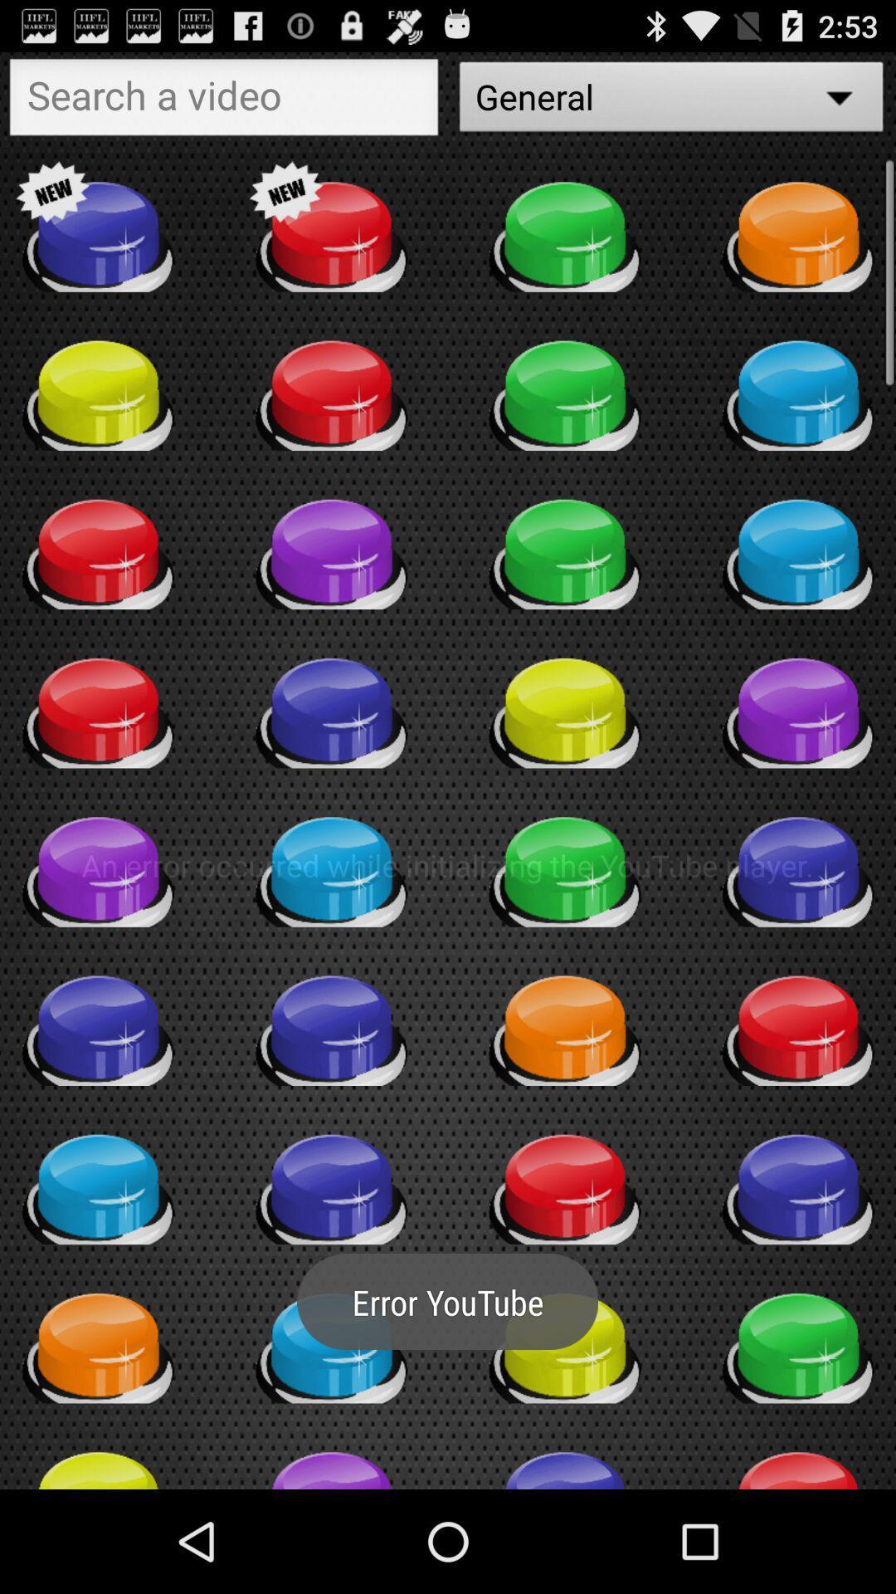 The image size is (896, 1594). I want to click on type in search bar, so click(224, 100).